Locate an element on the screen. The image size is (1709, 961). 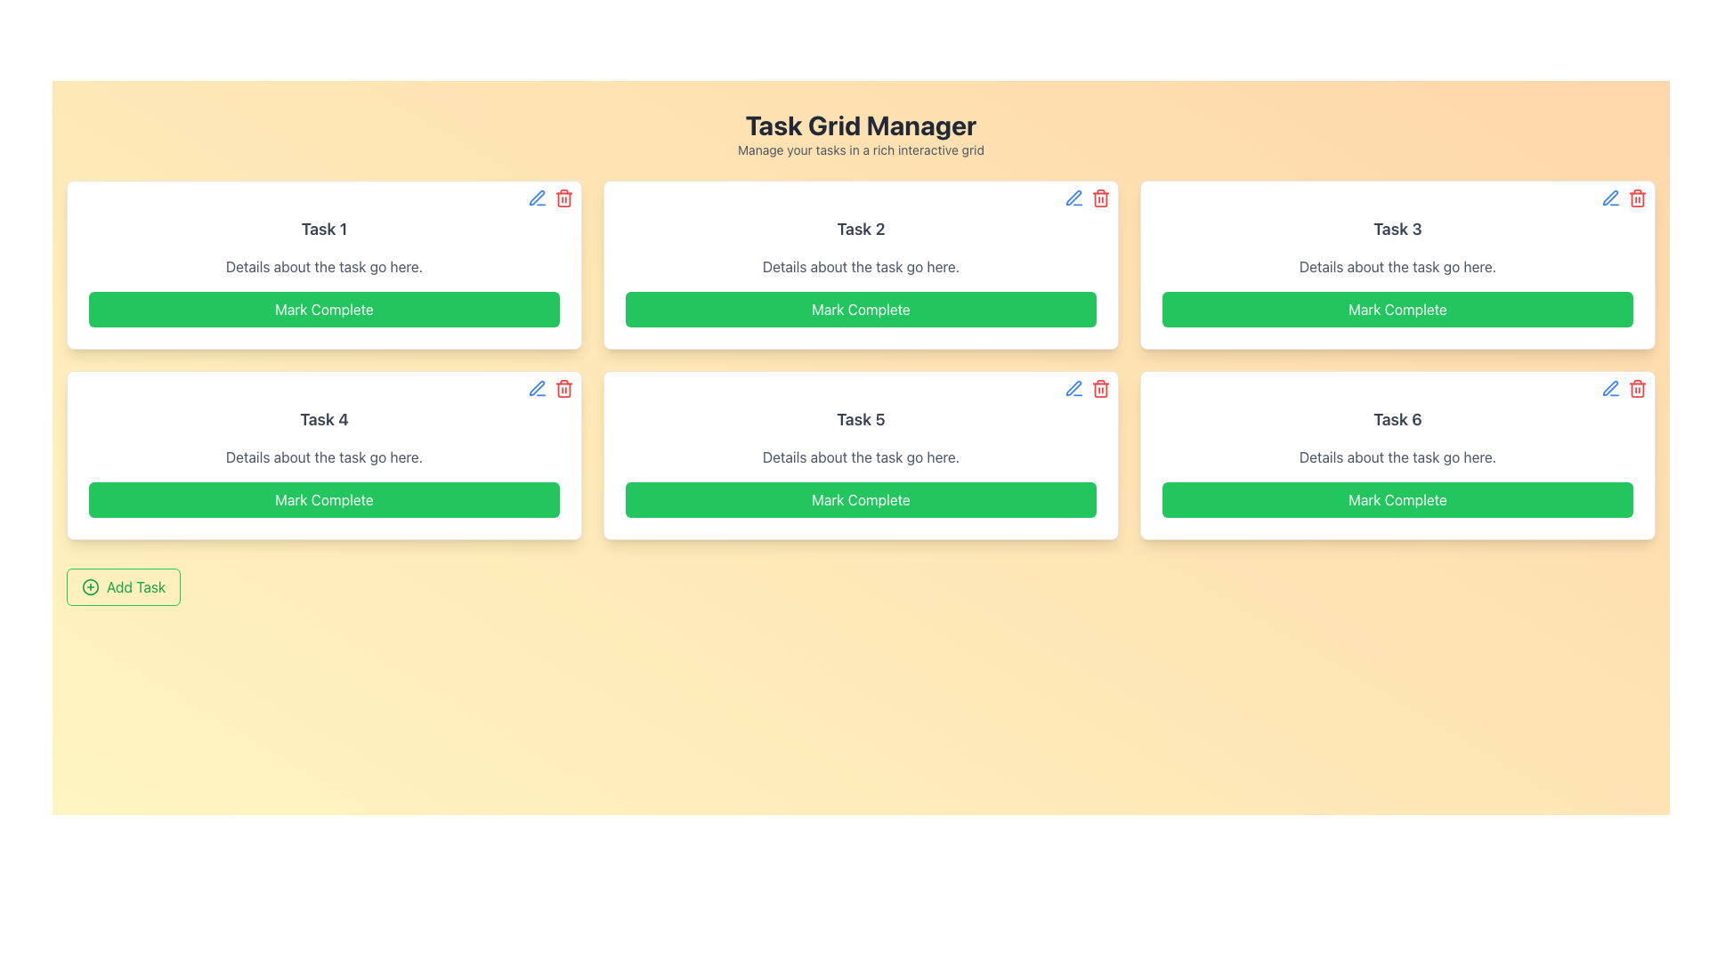
the centered text block displaying 'Task 2' in bold, large, gray font, located within the second card of a grid layout is located at coordinates (861, 229).